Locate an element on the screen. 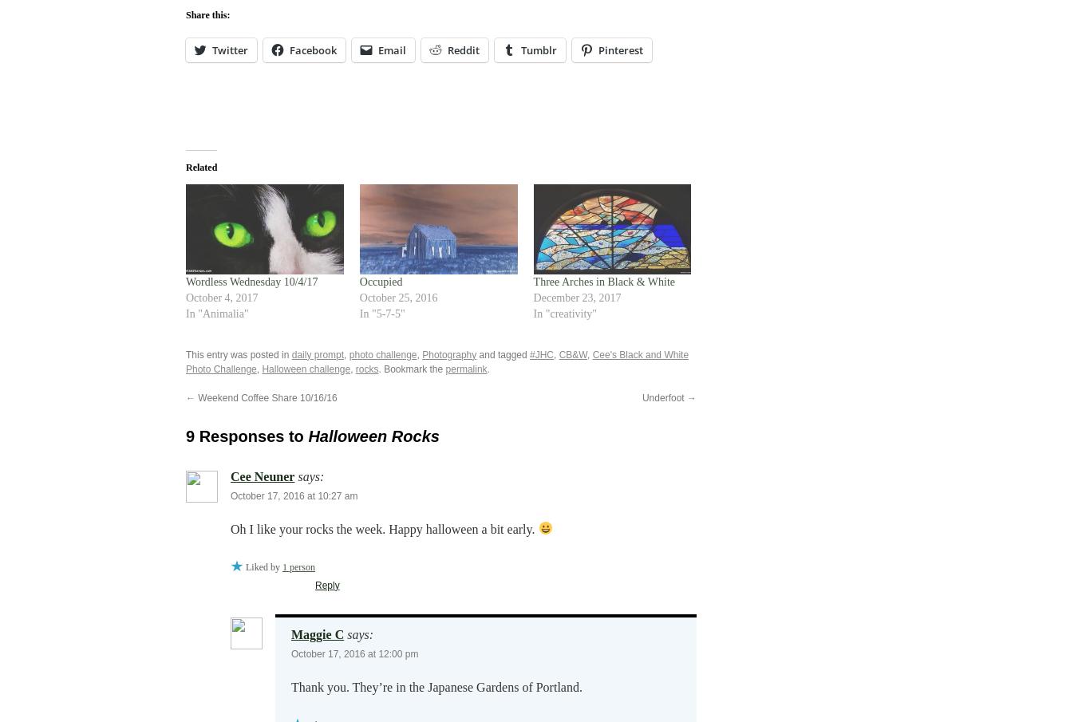 This screenshot has width=1090, height=722. 'October 17, 2016 at 10:27 am' is located at coordinates (231, 495).